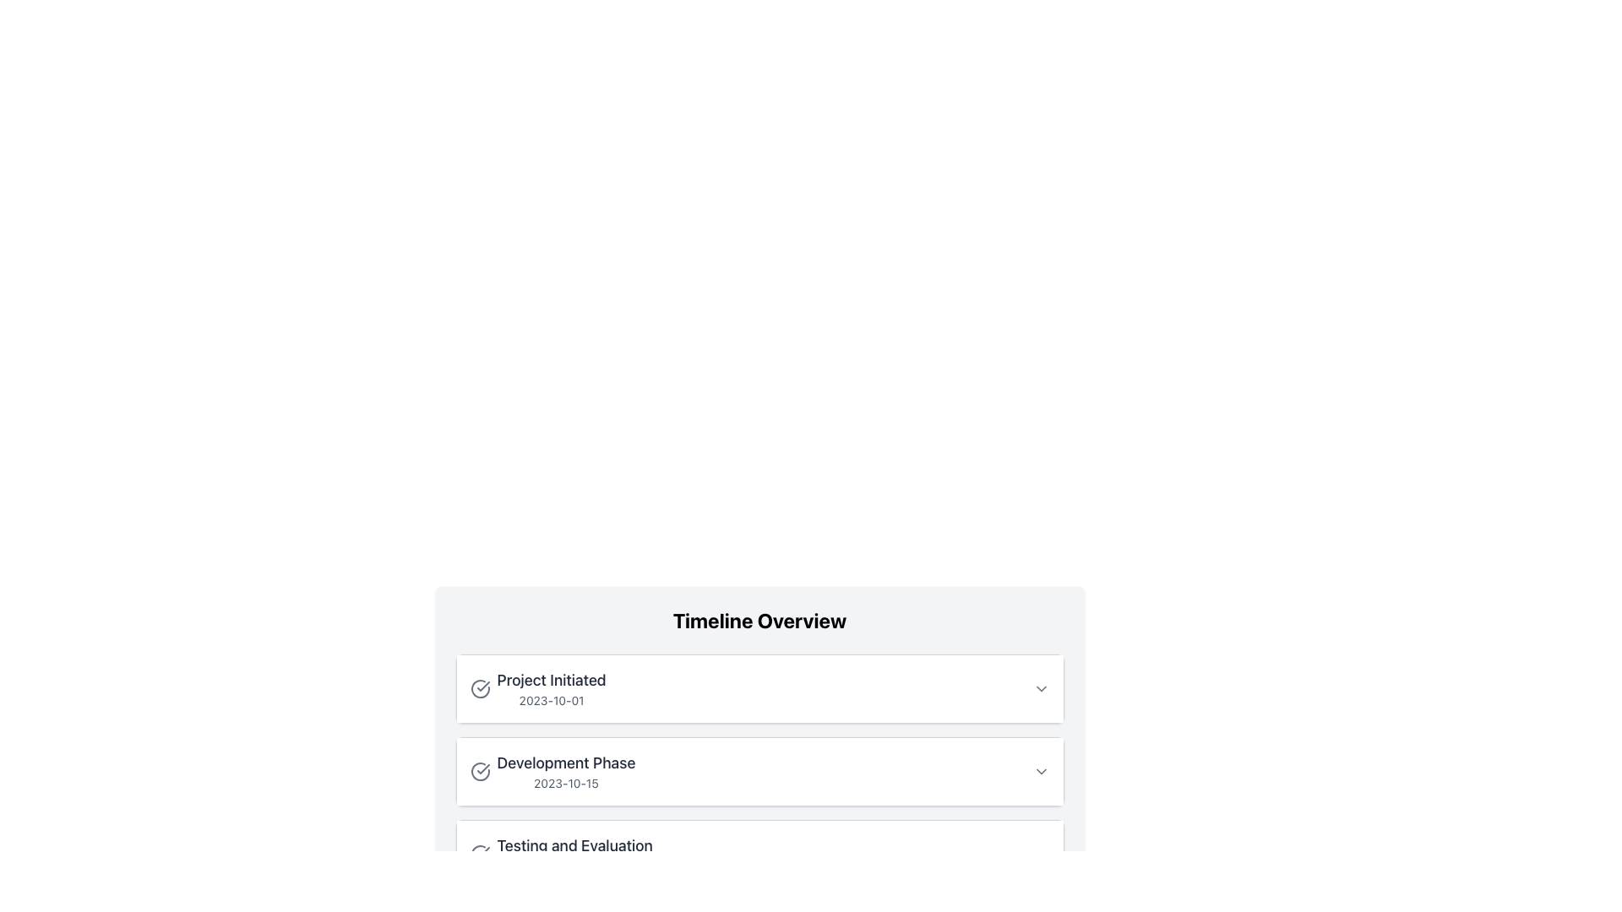 Image resolution: width=1622 pixels, height=912 pixels. Describe the element at coordinates (537, 689) in the screenshot. I see `the informational text block indicating the initiation of a project and its corresponding date, located under the 'Timeline Overview' section` at that location.